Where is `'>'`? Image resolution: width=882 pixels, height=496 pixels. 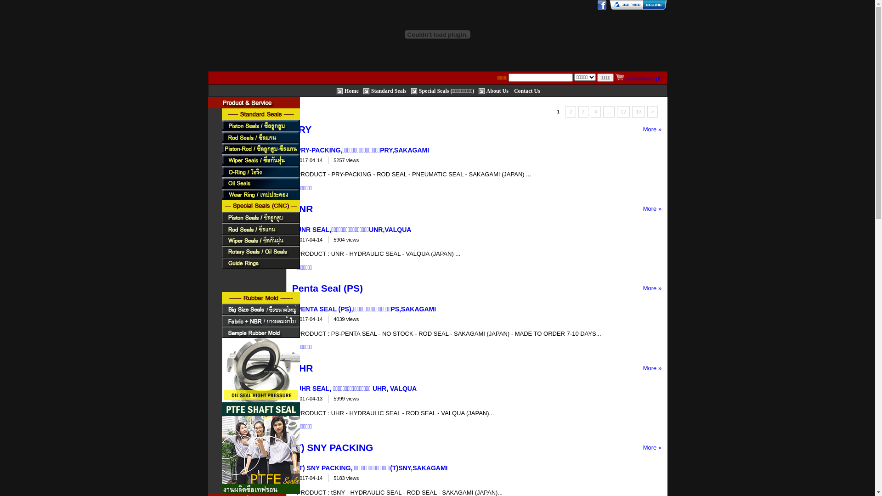 '>' is located at coordinates (652, 111).